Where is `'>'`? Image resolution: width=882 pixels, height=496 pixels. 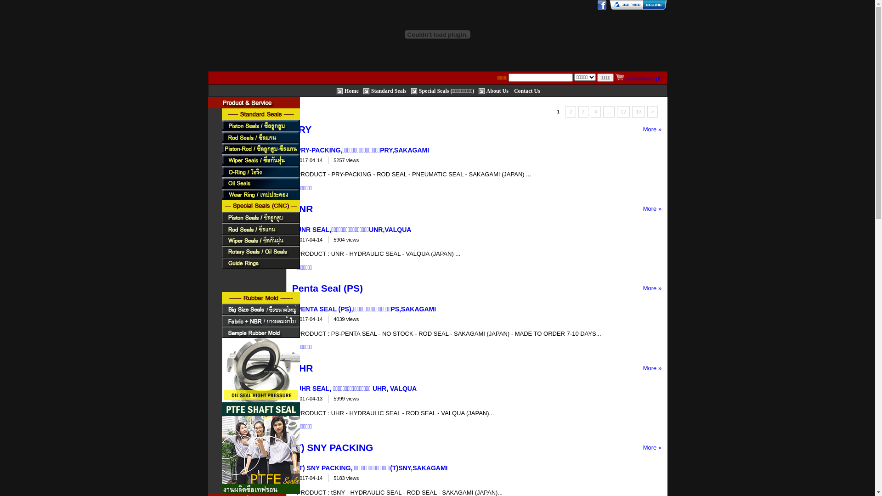 '>' is located at coordinates (652, 111).